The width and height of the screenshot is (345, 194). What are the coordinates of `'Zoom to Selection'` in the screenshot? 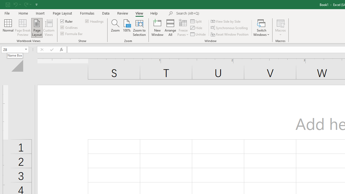 It's located at (139, 28).